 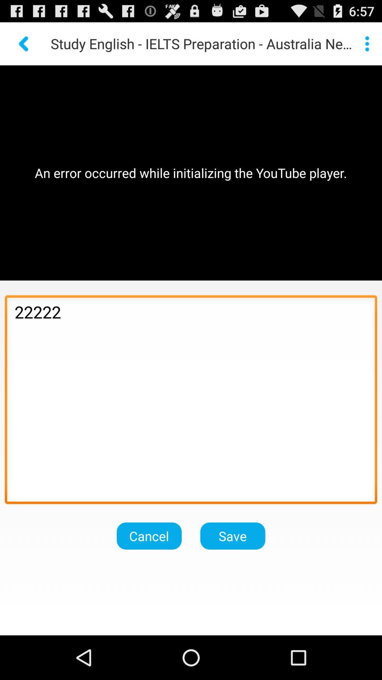 I want to click on the arrow_backward icon, so click(x=24, y=46).